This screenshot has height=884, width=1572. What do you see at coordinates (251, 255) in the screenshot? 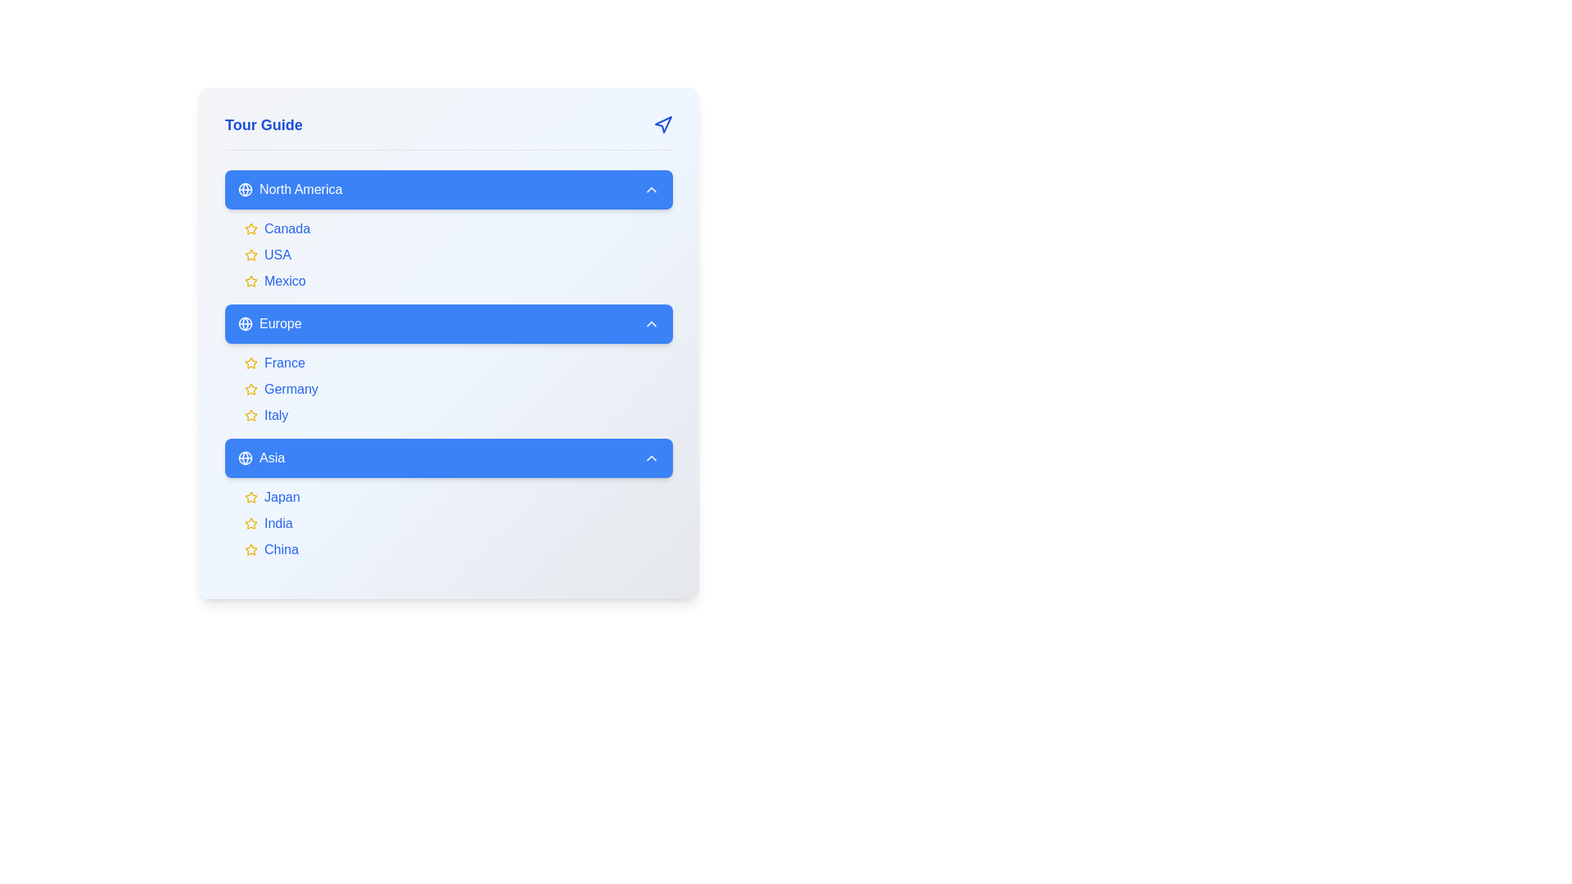
I see `the star-shaped icon filled with yellow color, which is positioned to the left of the text label 'USA' in the North America group` at bounding box center [251, 255].